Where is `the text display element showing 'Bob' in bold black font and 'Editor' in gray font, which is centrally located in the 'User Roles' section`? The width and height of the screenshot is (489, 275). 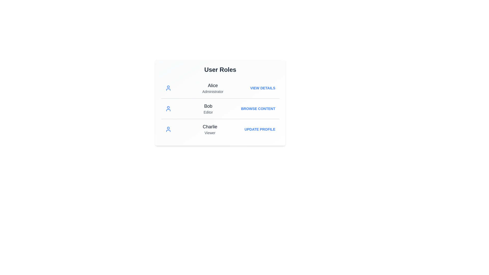 the text display element showing 'Bob' in bold black font and 'Editor' in gray font, which is centrally located in the 'User Roles' section is located at coordinates (208, 108).